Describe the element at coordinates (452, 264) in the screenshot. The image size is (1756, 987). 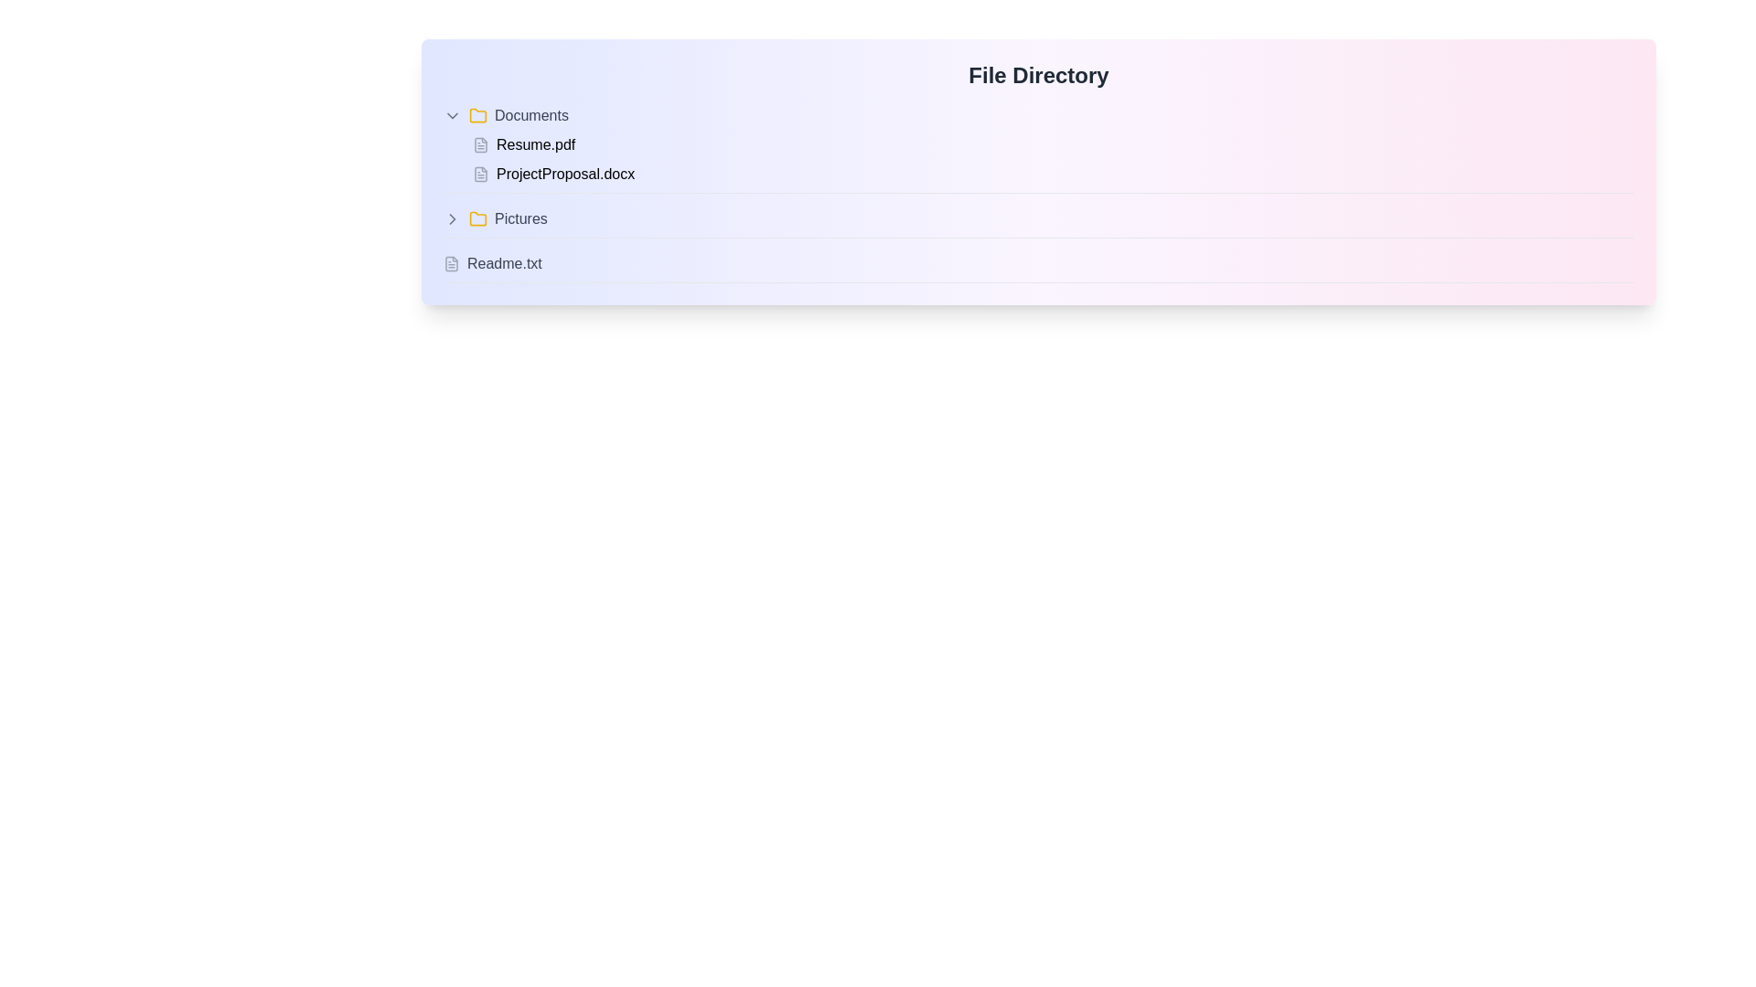
I see `the document icon representing 'Readme.txt' under the 'Pictures' folder, which is styled in light gray tones and has a folded corner design` at that location.